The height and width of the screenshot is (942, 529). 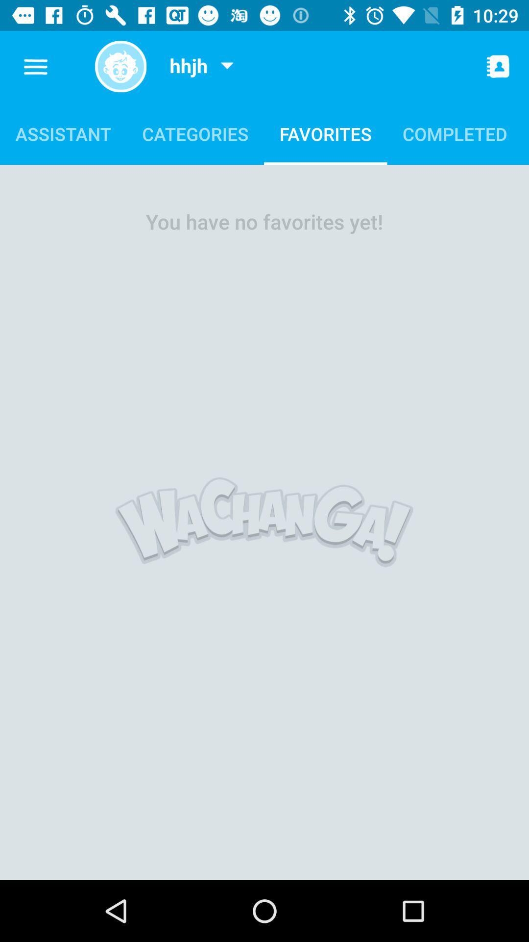 What do you see at coordinates (227, 66) in the screenshot?
I see `drop down` at bounding box center [227, 66].